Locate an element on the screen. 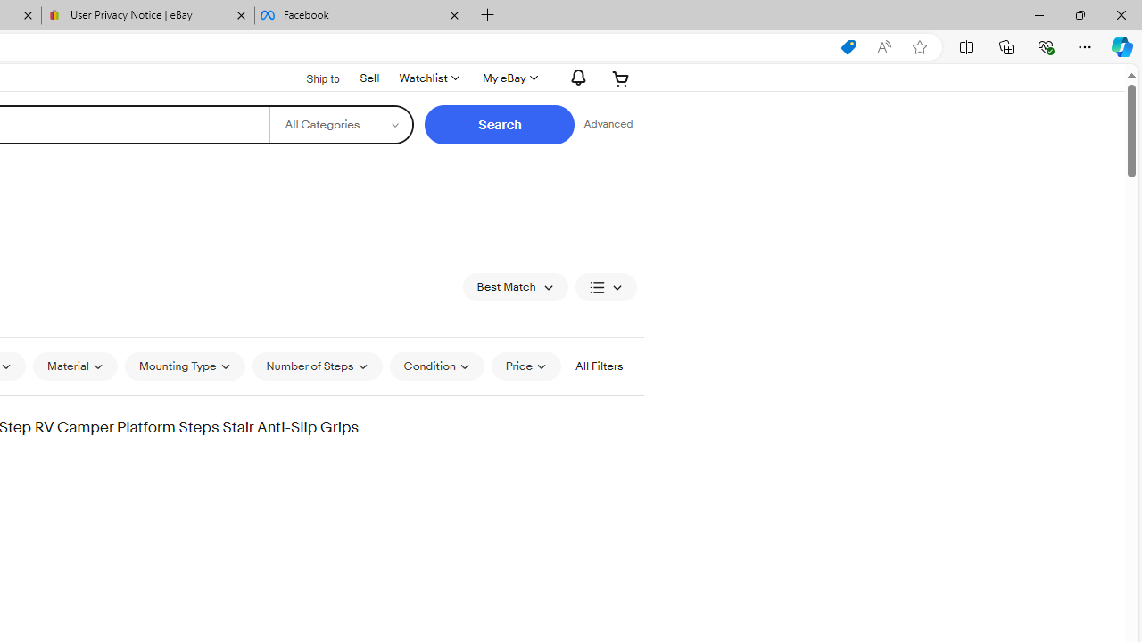 The image size is (1142, 642). 'Sell' is located at coordinates (368, 77).